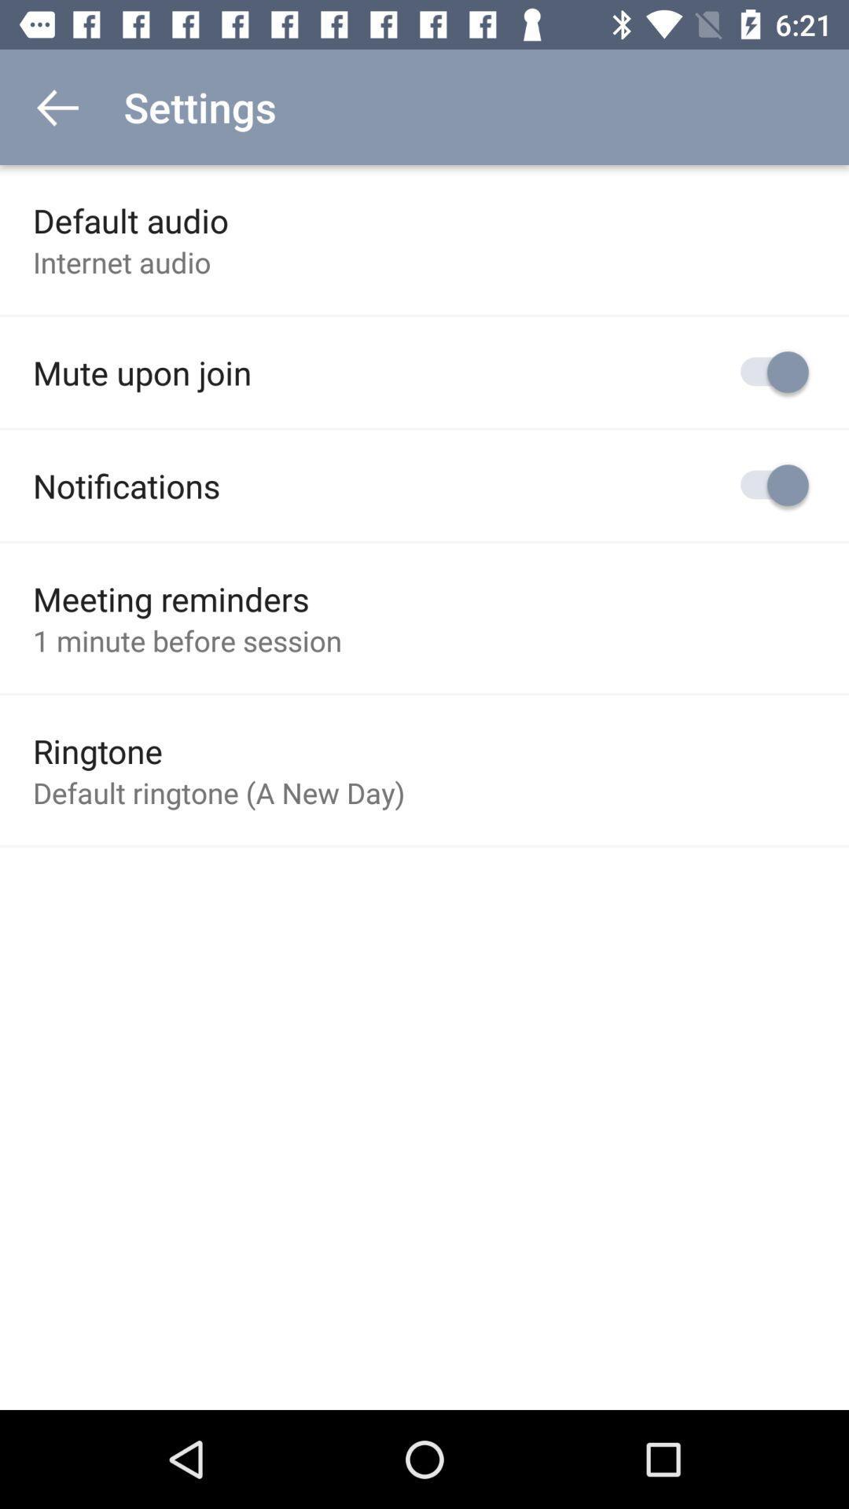  I want to click on the icon below default audio icon, so click(121, 262).